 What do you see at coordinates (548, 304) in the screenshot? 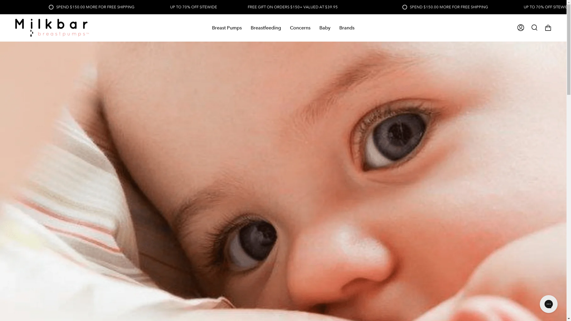
I see `'Gorgias live chat messenger'` at bounding box center [548, 304].